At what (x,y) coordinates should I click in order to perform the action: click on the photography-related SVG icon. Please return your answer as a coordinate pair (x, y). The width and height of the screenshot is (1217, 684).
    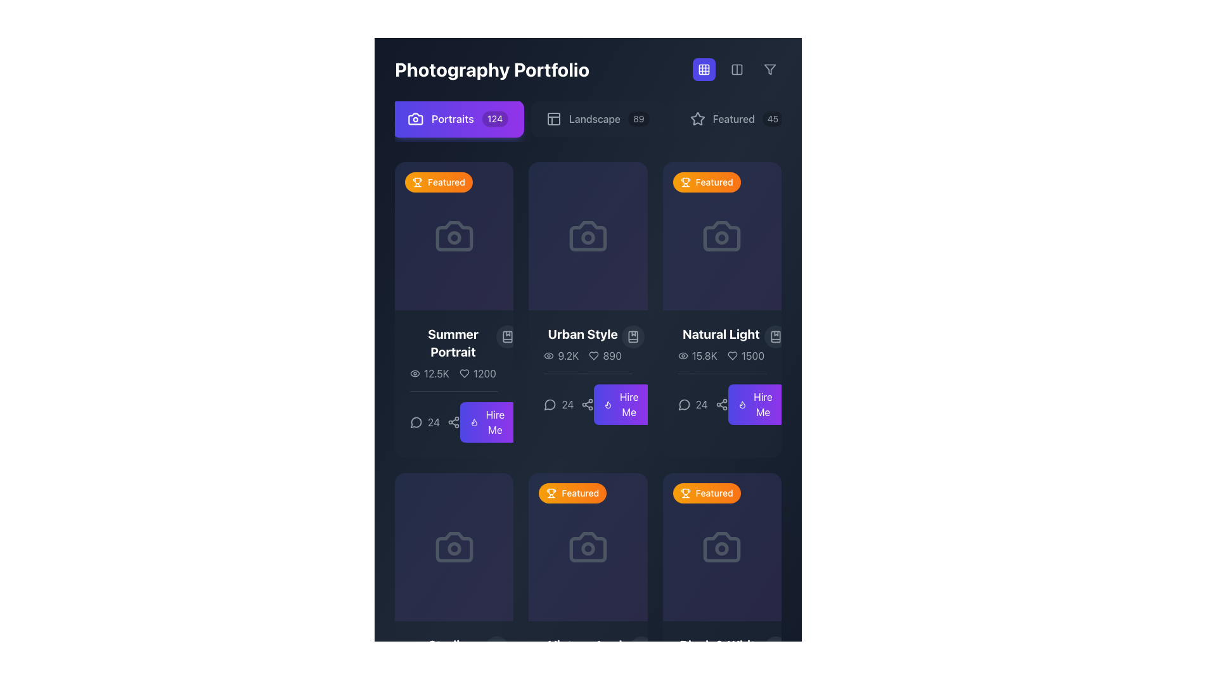
    Looking at the image, I should click on (454, 547).